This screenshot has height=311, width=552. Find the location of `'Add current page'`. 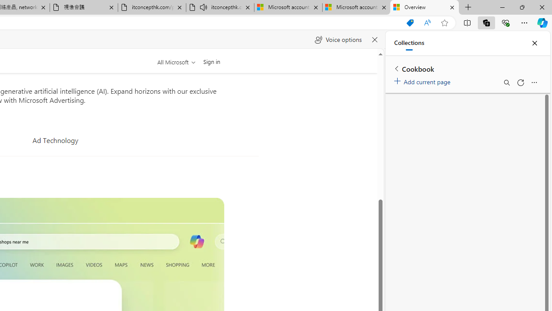

'Add current page' is located at coordinates (424, 80).